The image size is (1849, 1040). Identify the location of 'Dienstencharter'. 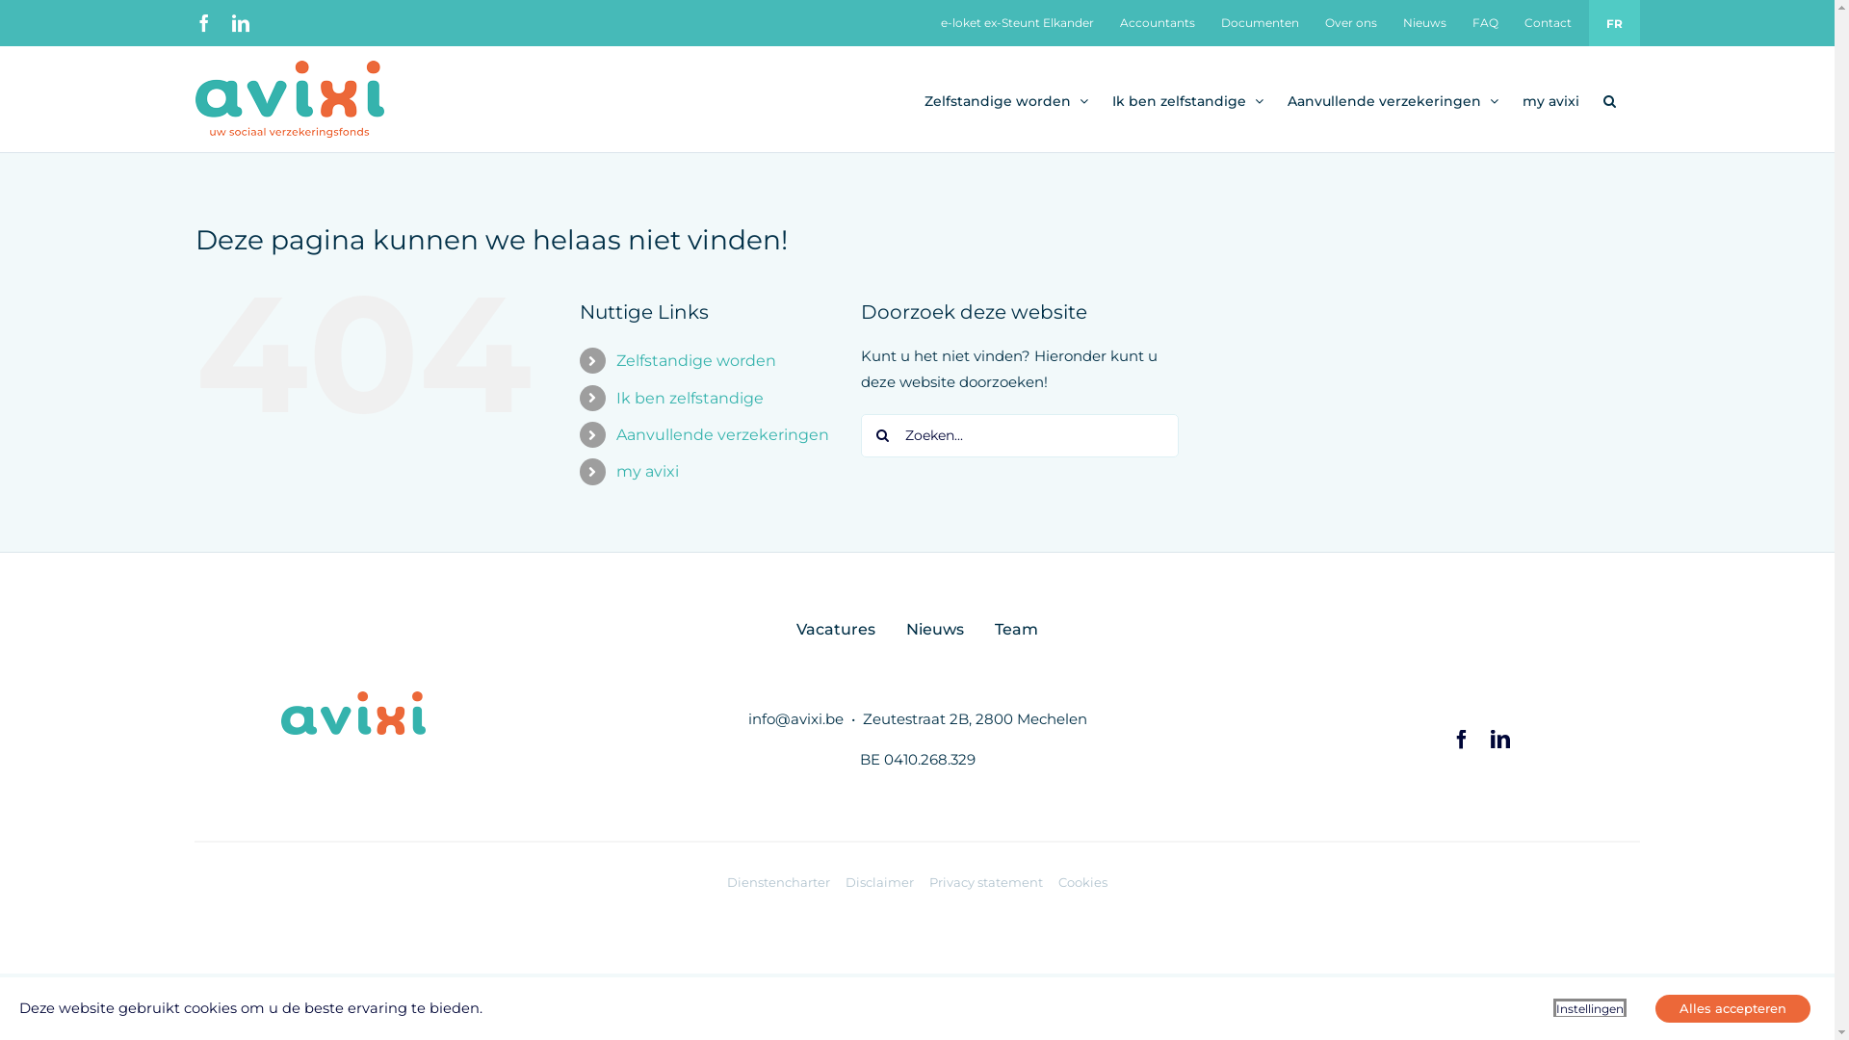
(725, 882).